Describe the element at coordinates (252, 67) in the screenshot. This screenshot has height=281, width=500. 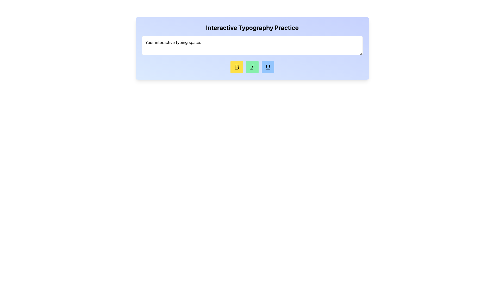
I see `the icon button resembling an italicized letter 'I' on a green background` at that location.